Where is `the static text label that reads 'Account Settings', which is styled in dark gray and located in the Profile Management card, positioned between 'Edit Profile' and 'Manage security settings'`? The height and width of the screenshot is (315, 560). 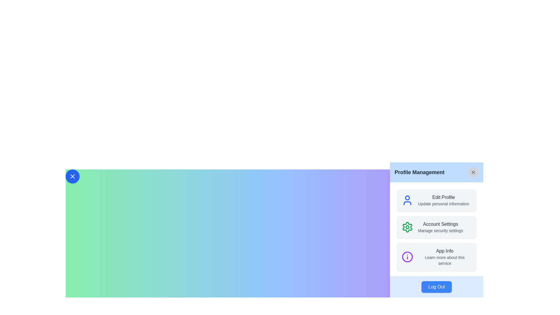 the static text label that reads 'Account Settings', which is styled in dark gray and located in the Profile Management card, positioned between 'Edit Profile' and 'Manage security settings' is located at coordinates (440, 224).